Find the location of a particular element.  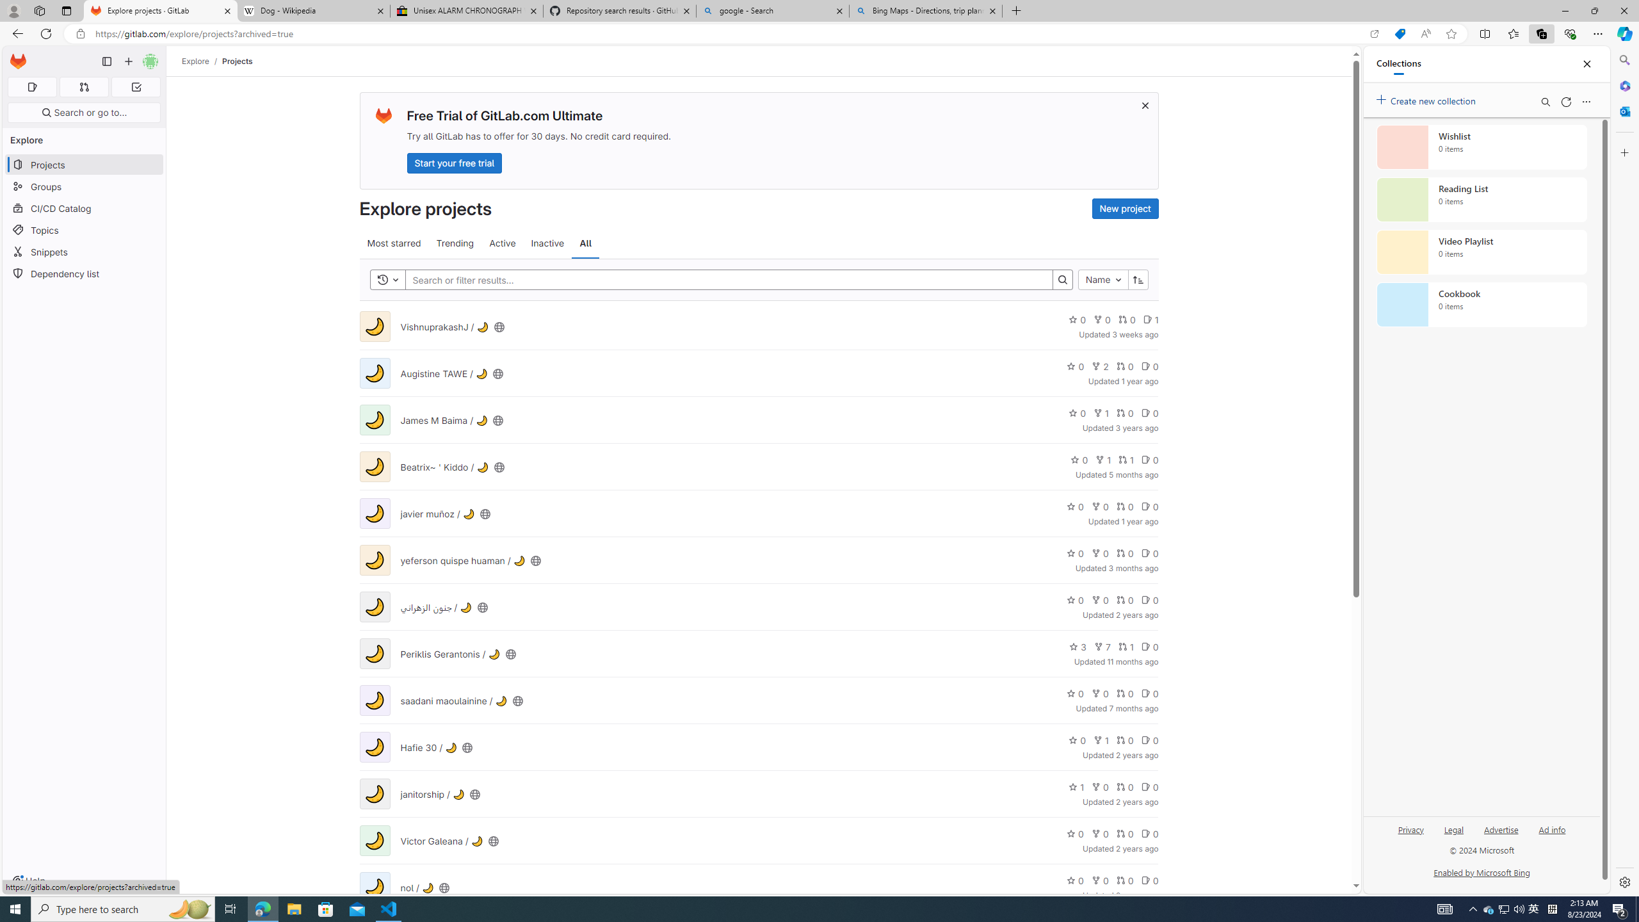

'Cookbook collection, 0 items' is located at coordinates (1482, 303).